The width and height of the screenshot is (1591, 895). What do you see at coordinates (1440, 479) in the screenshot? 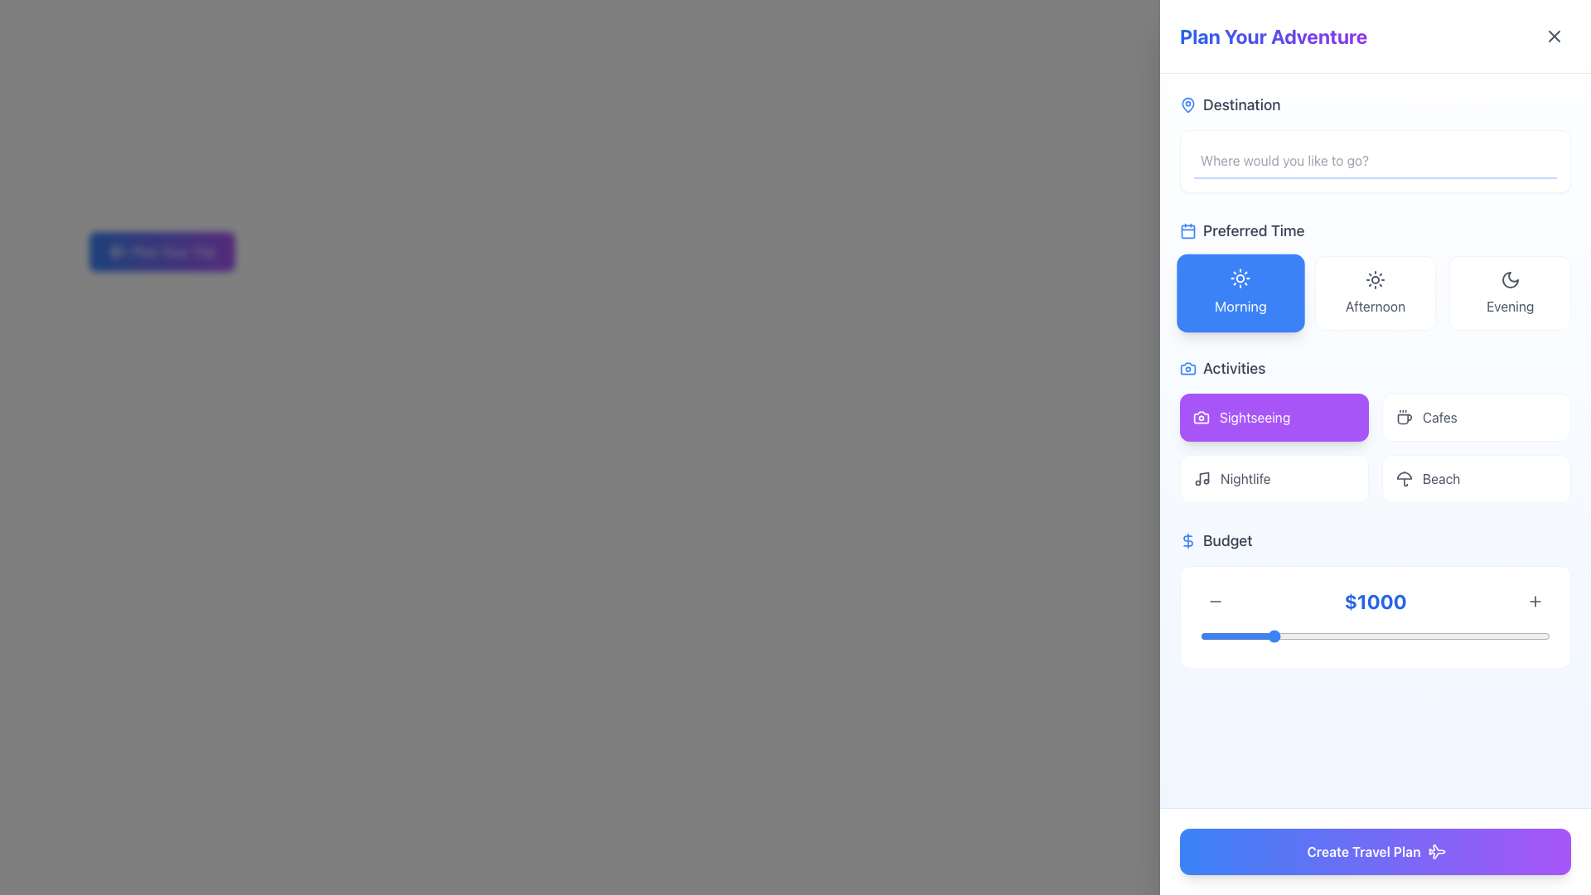
I see `the text label displaying 'Beach'` at bounding box center [1440, 479].